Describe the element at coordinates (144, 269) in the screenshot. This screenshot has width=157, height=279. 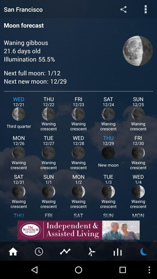
I see `the weather icon` at that location.